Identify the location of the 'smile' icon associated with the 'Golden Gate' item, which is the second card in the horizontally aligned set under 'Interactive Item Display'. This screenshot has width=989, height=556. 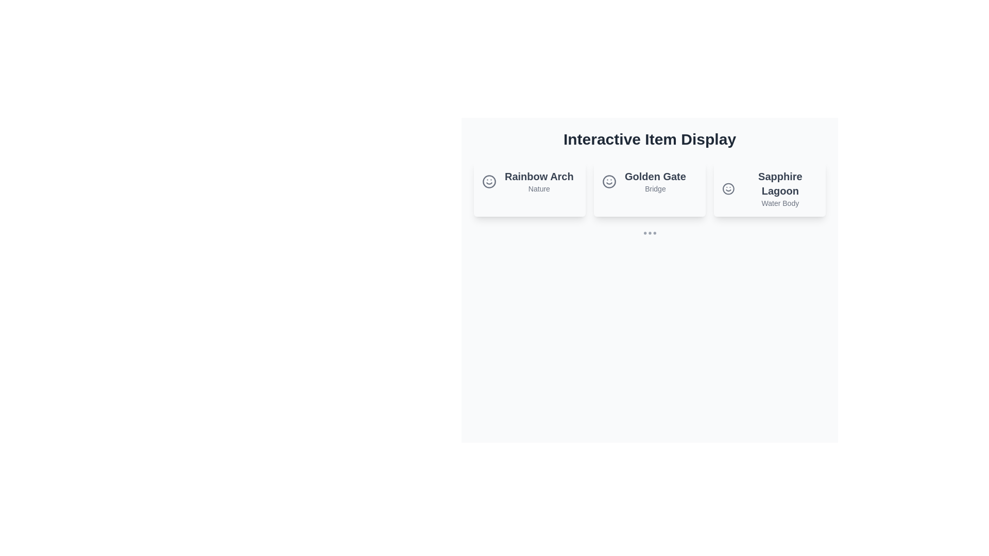
(609, 181).